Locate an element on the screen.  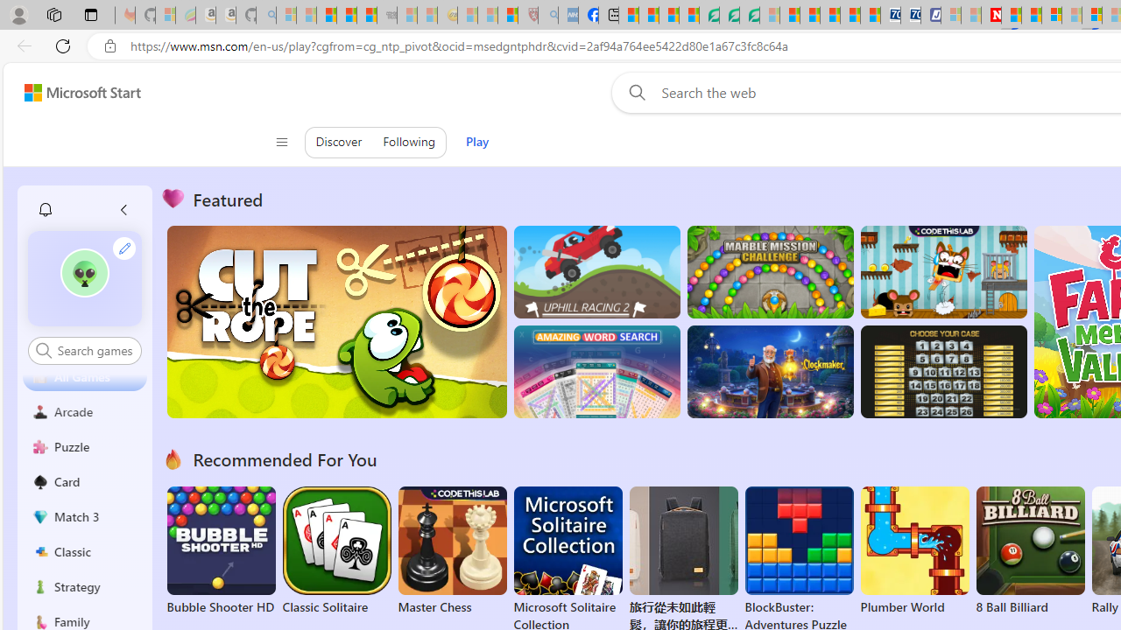
'Class: profile-edit' is located at coordinates (123, 248).